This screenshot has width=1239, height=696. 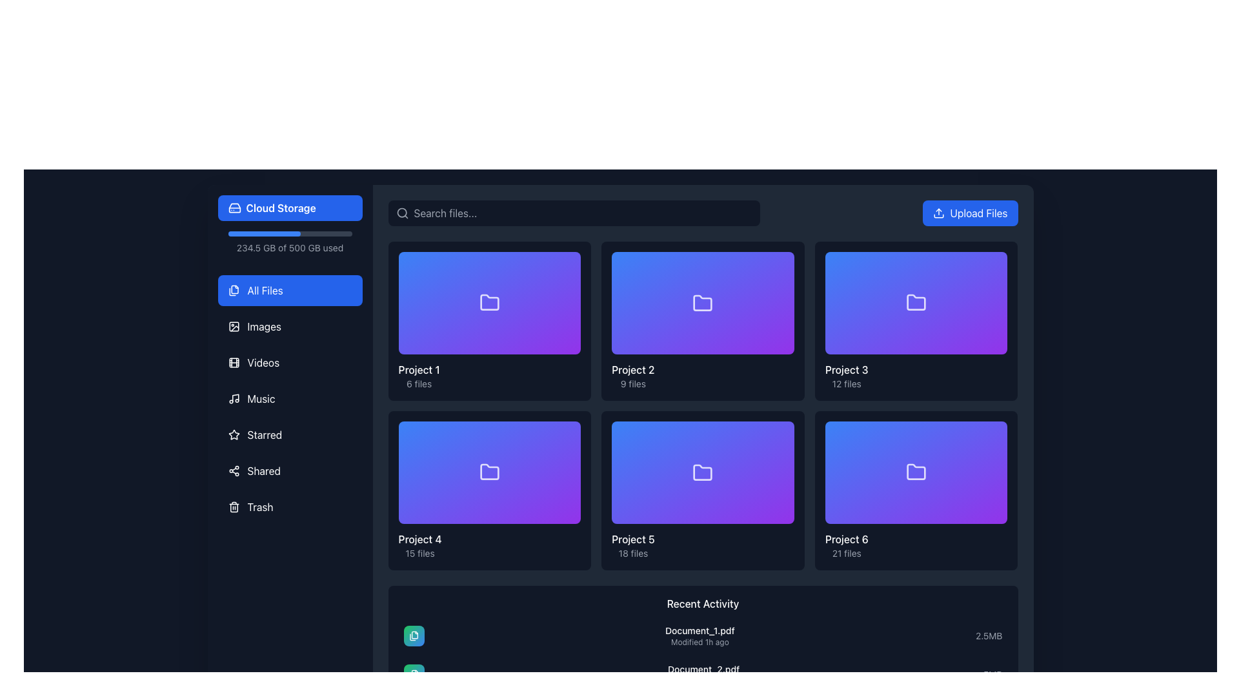 What do you see at coordinates (847, 545) in the screenshot?
I see `the folder label 'Project 6' which indicates it contains 21 files, located in the second row and third column of the folder grid` at bounding box center [847, 545].